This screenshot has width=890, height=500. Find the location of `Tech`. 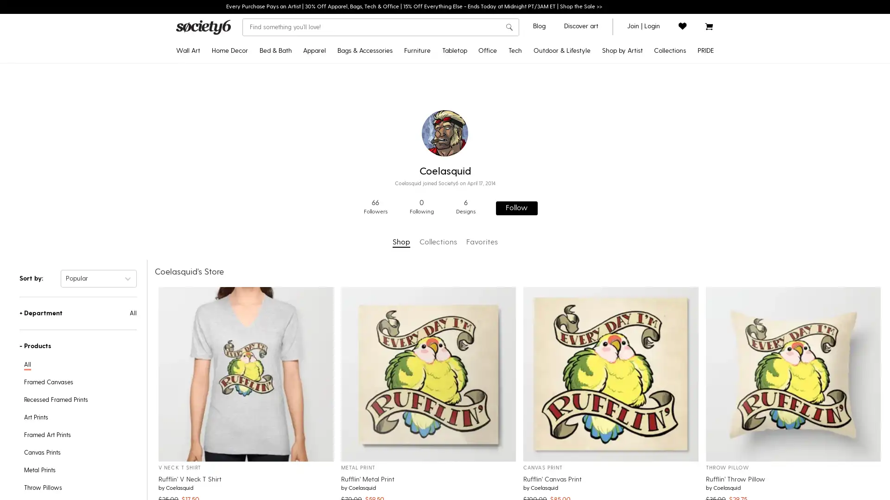

Tech is located at coordinates (515, 51).